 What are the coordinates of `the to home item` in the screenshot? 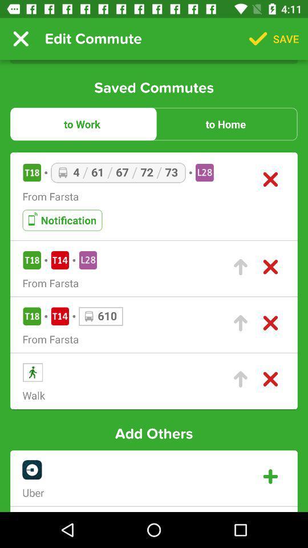 It's located at (225, 124).